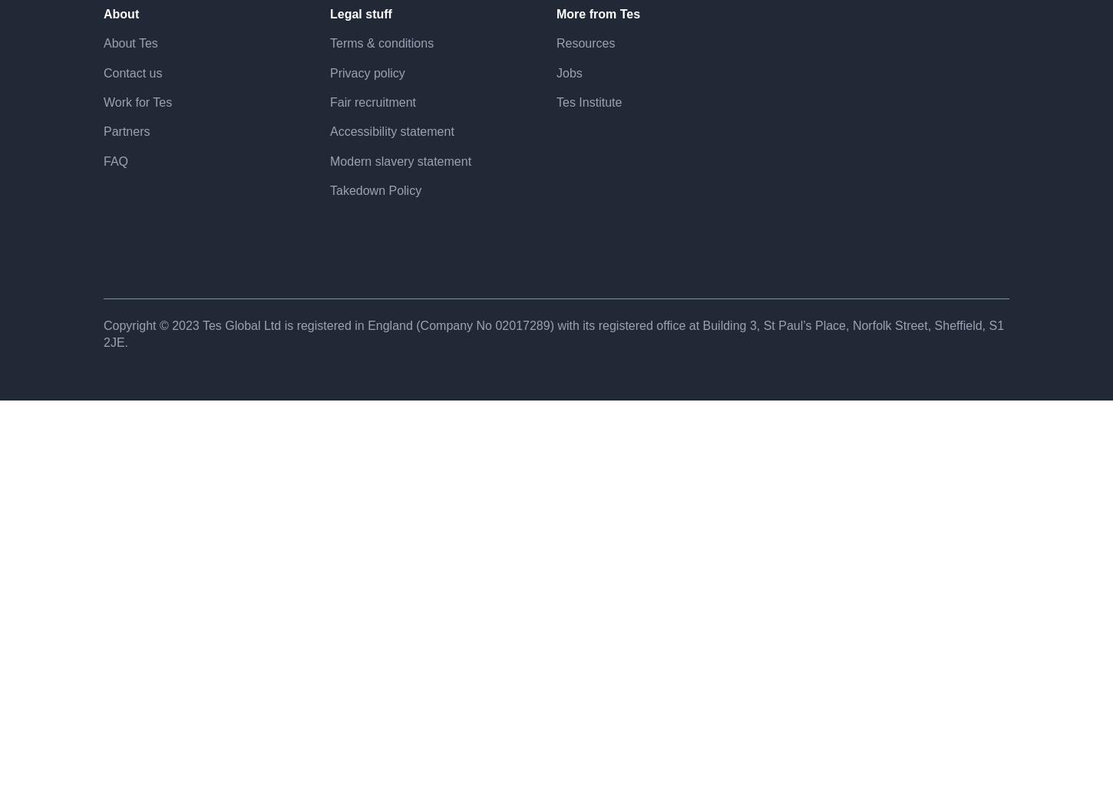 This screenshot has height=811, width=1113. I want to click on 'About Tes', so click(129, 96).